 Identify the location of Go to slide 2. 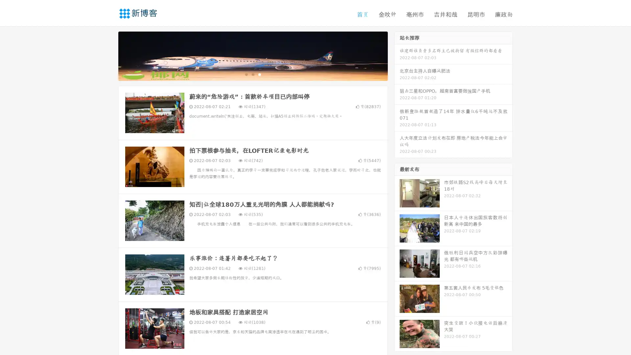
(252, 74).